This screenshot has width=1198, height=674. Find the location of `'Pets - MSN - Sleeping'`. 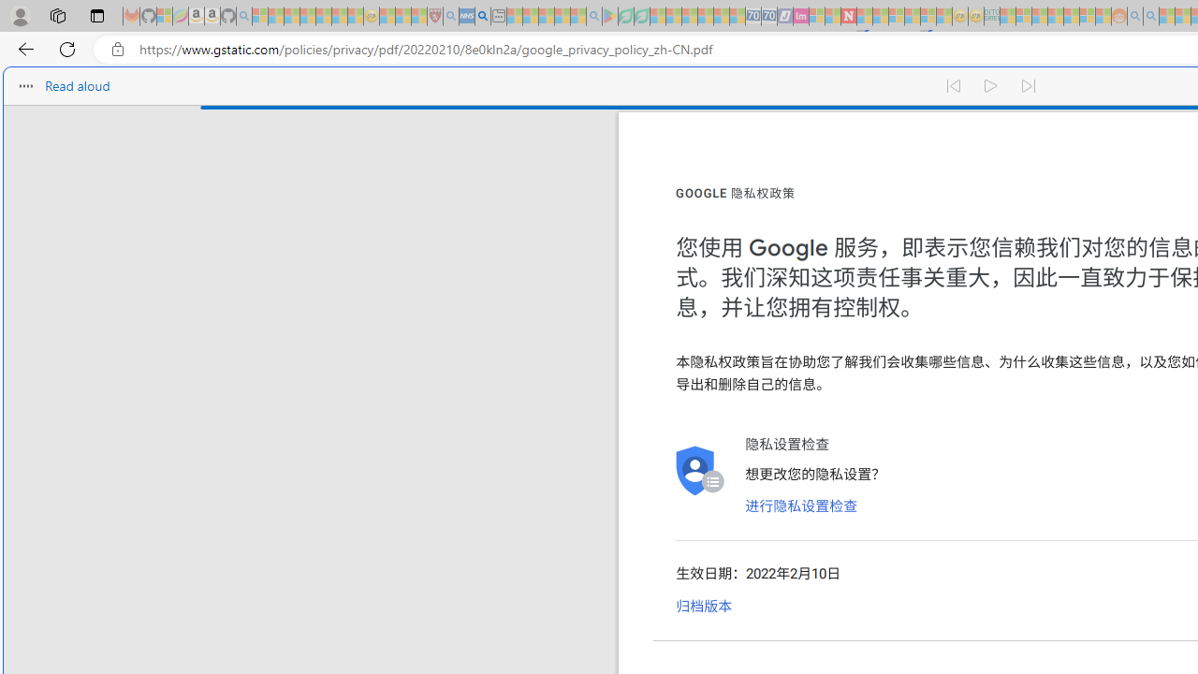

'Pets - MSN - Sleeping' is located at coordinates (561, 16).